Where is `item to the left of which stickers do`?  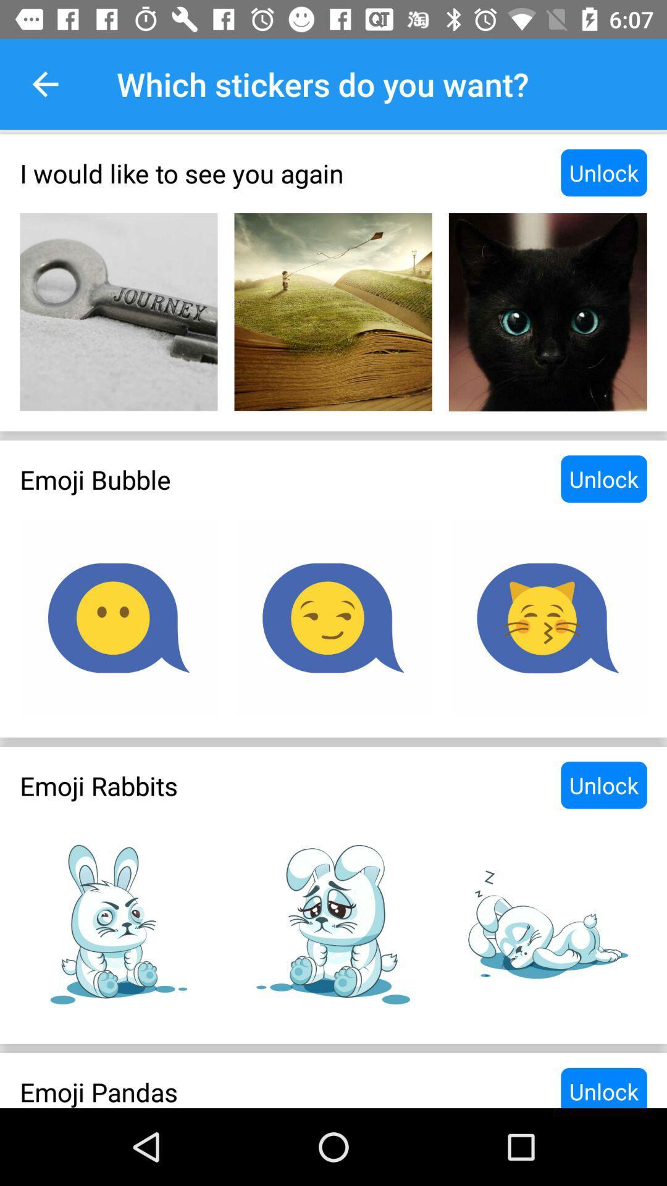
item to the left of which stickers do is located at coordinates (44, 83).